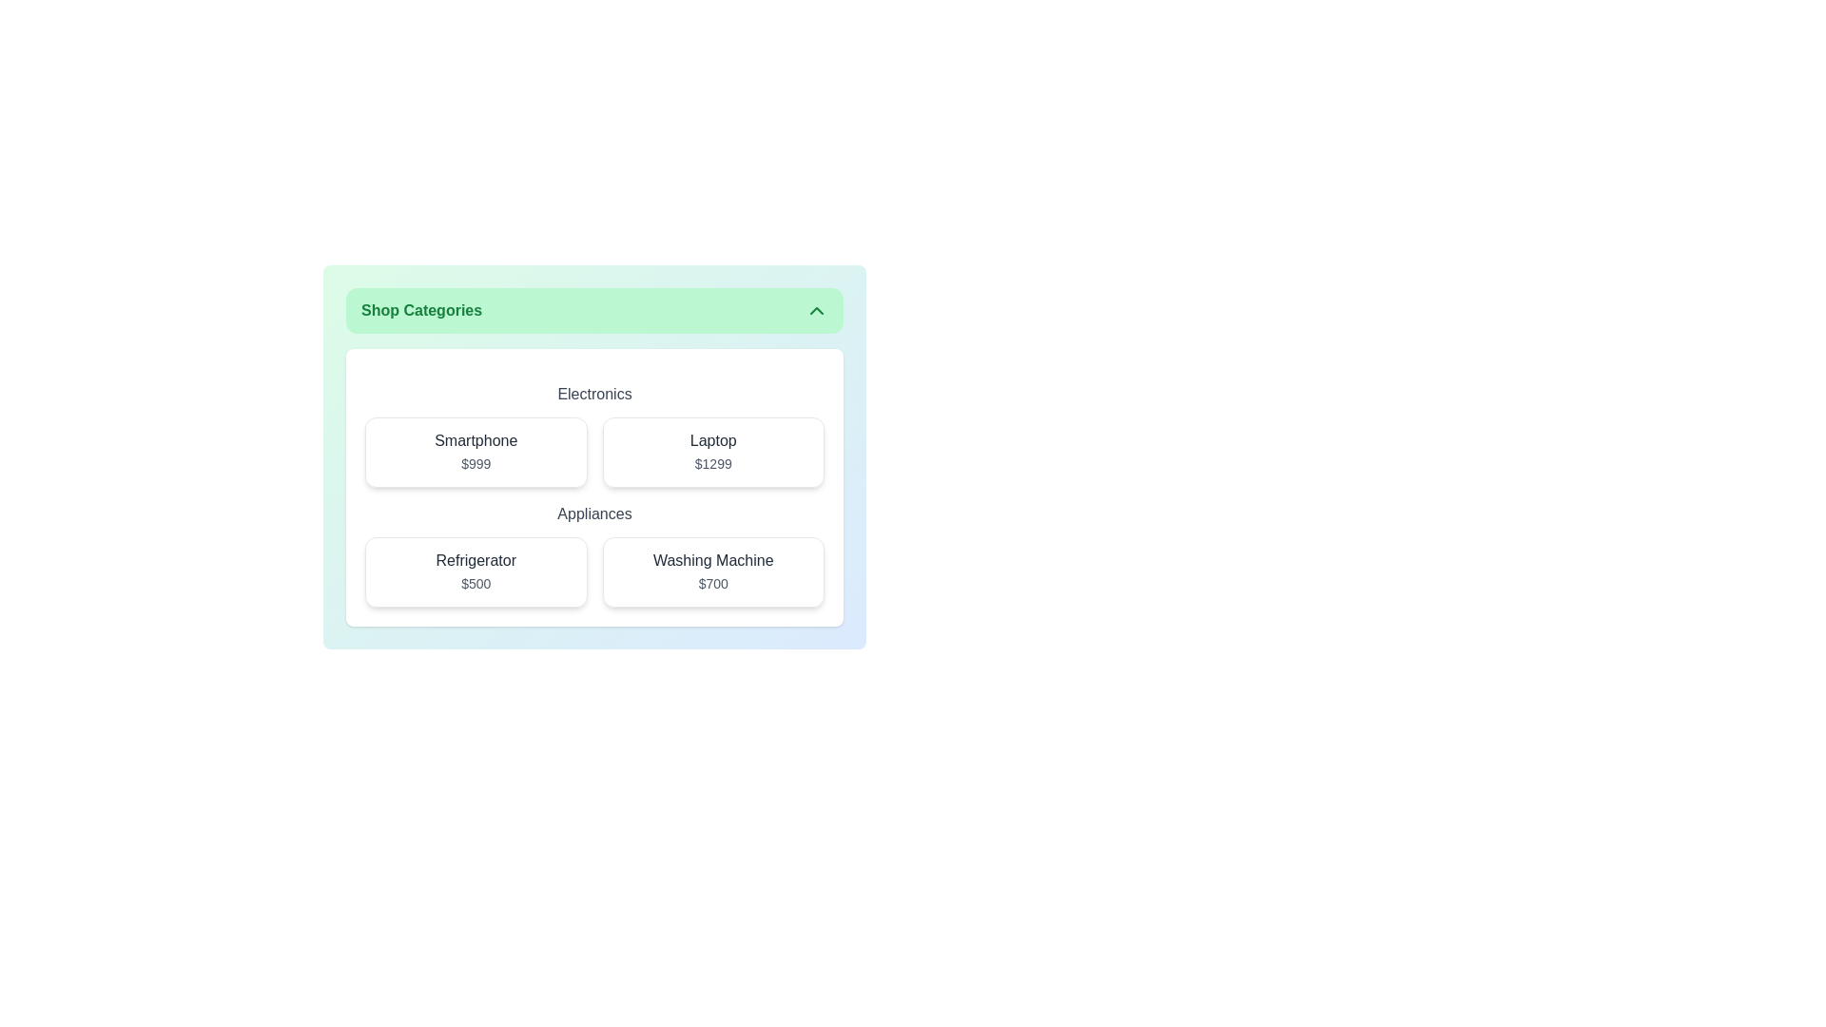  Describe the element at coordinates (476, 582) in the screenshot. I see `the static text label indicating the price of the 'Refrigerator' as $500, located at the bottom center of the product card` at that location.